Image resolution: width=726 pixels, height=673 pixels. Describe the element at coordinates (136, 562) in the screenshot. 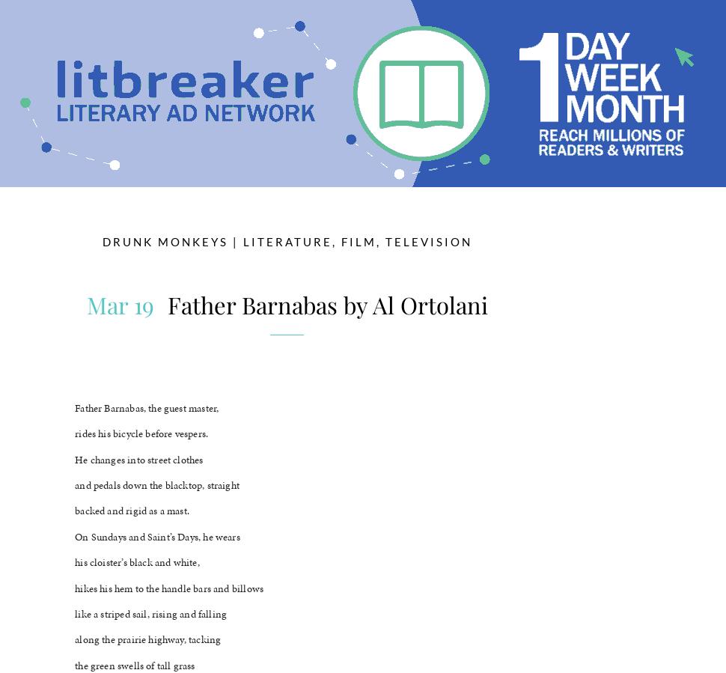

I see `'his cloister’s black and white,'` at that location.